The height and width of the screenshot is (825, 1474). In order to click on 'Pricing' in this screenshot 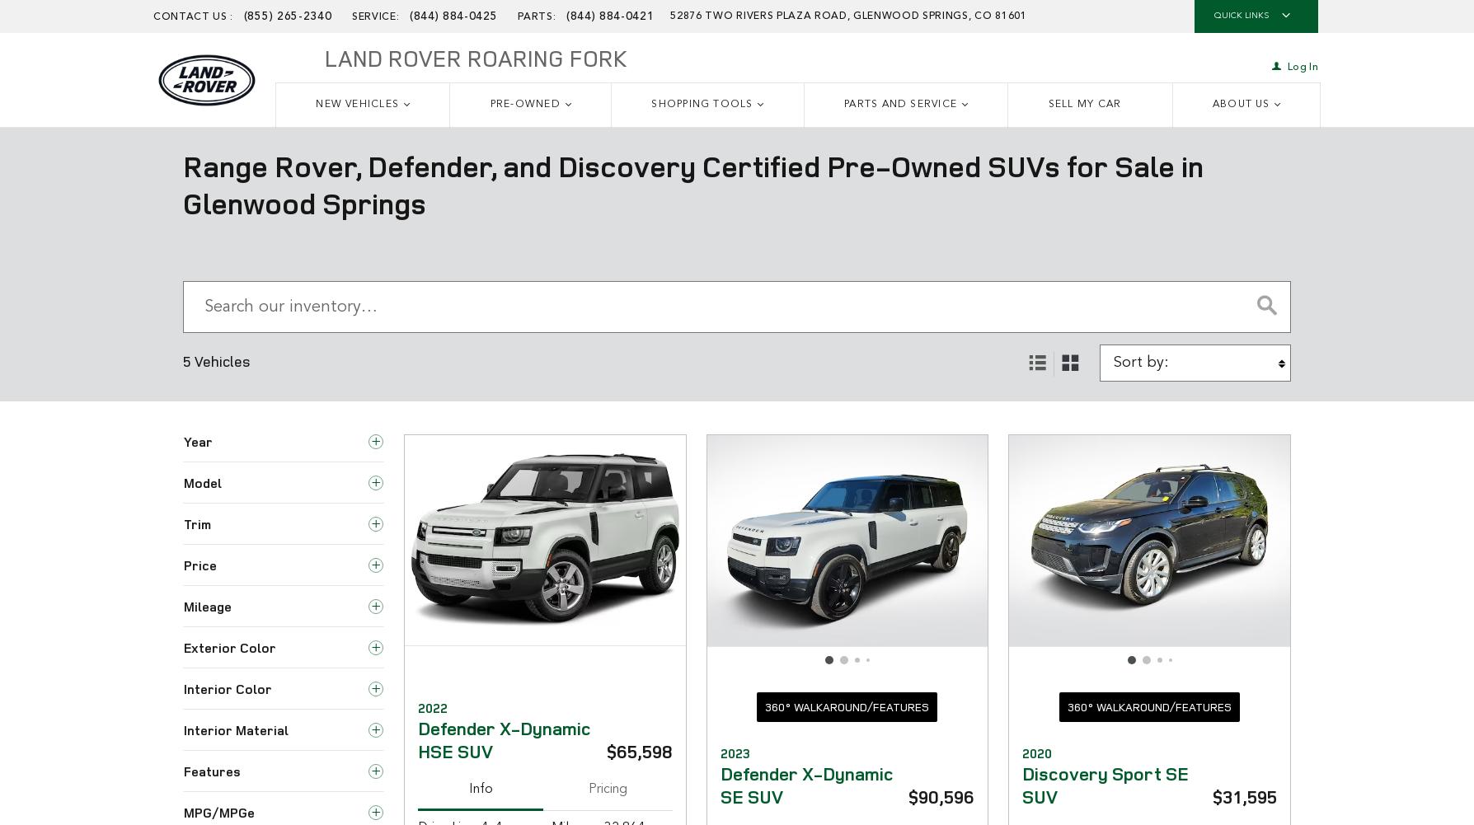, I will do `click(587, 787)`.